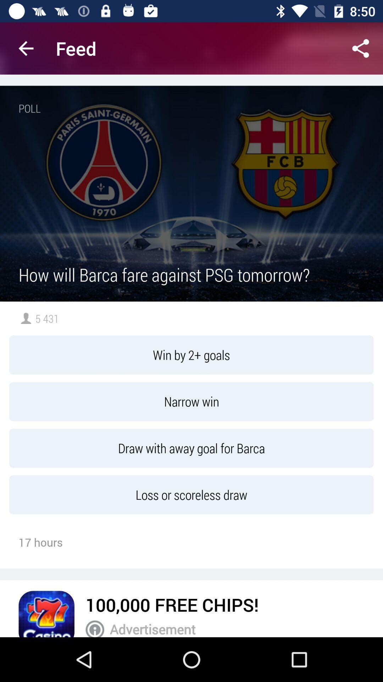 This screenshot has height=682, width=383. What do you see at coordinates (191, 355) in the screenshot?
I see `the item below the 5 431` at bounding box center [191, 355].